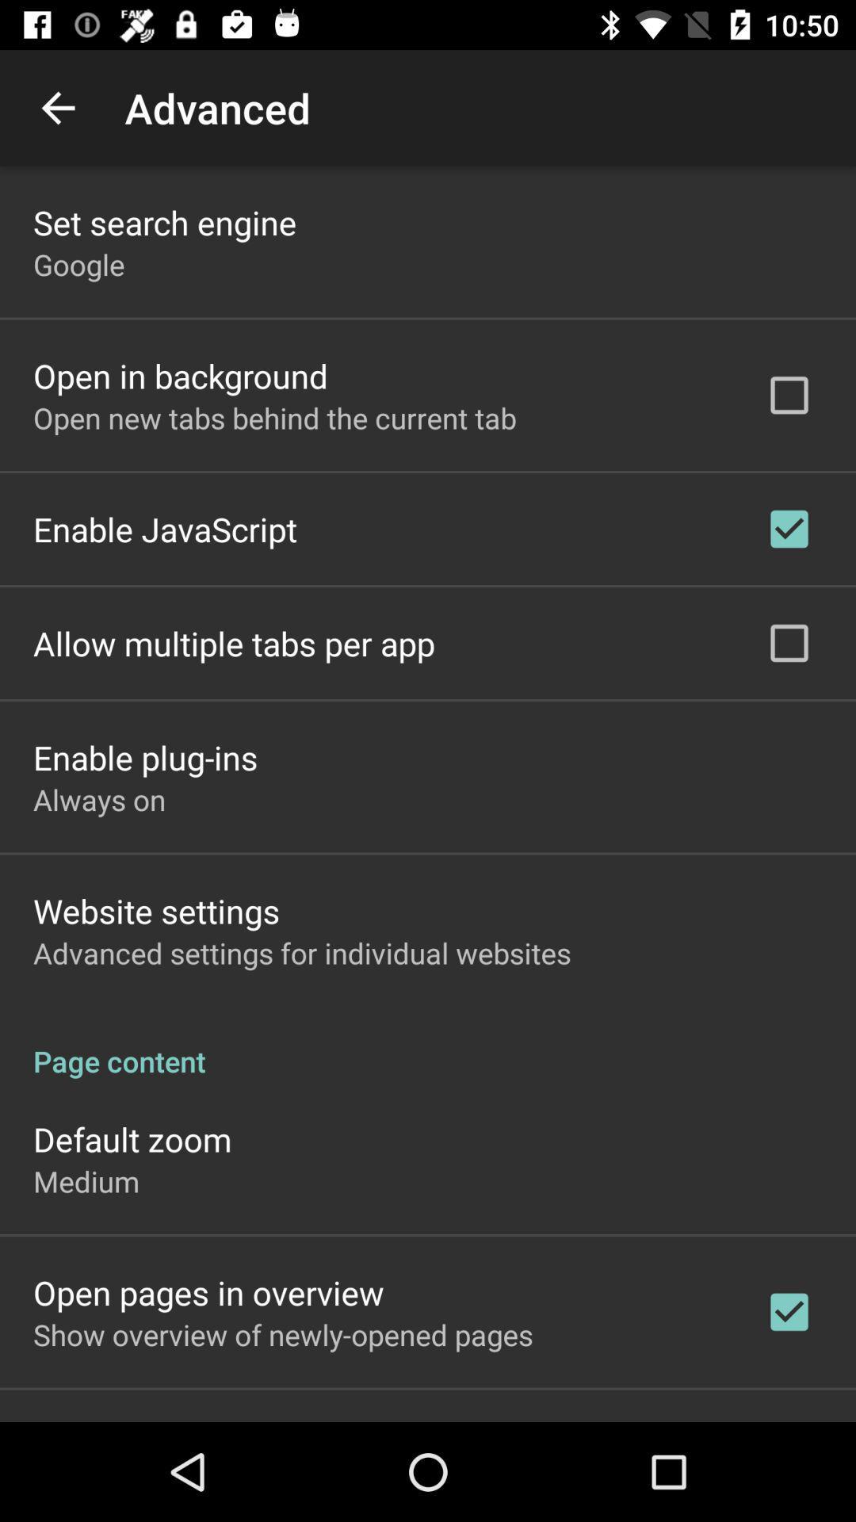  Describe the element at coordinates (165, 529) in the screenshot. I see `the app above the allow multiple tabs item` at that location.